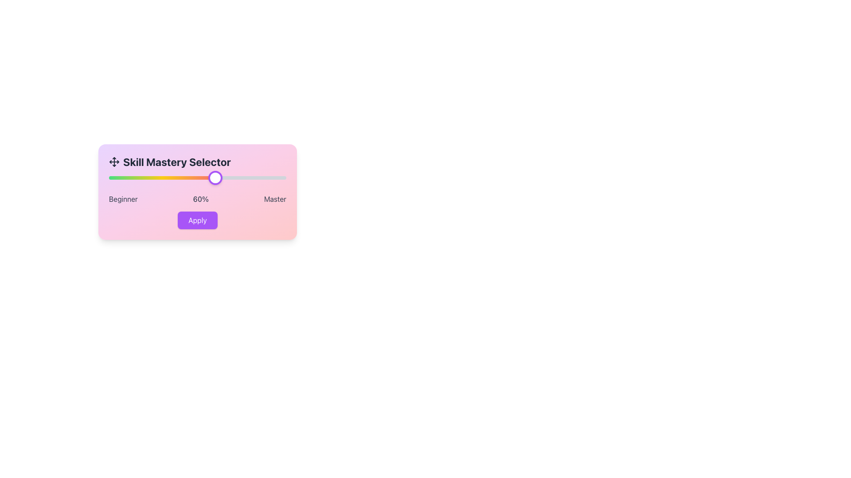 This screenshot has width=851, height=478. I want to click on the slider position, so click(226, 177).